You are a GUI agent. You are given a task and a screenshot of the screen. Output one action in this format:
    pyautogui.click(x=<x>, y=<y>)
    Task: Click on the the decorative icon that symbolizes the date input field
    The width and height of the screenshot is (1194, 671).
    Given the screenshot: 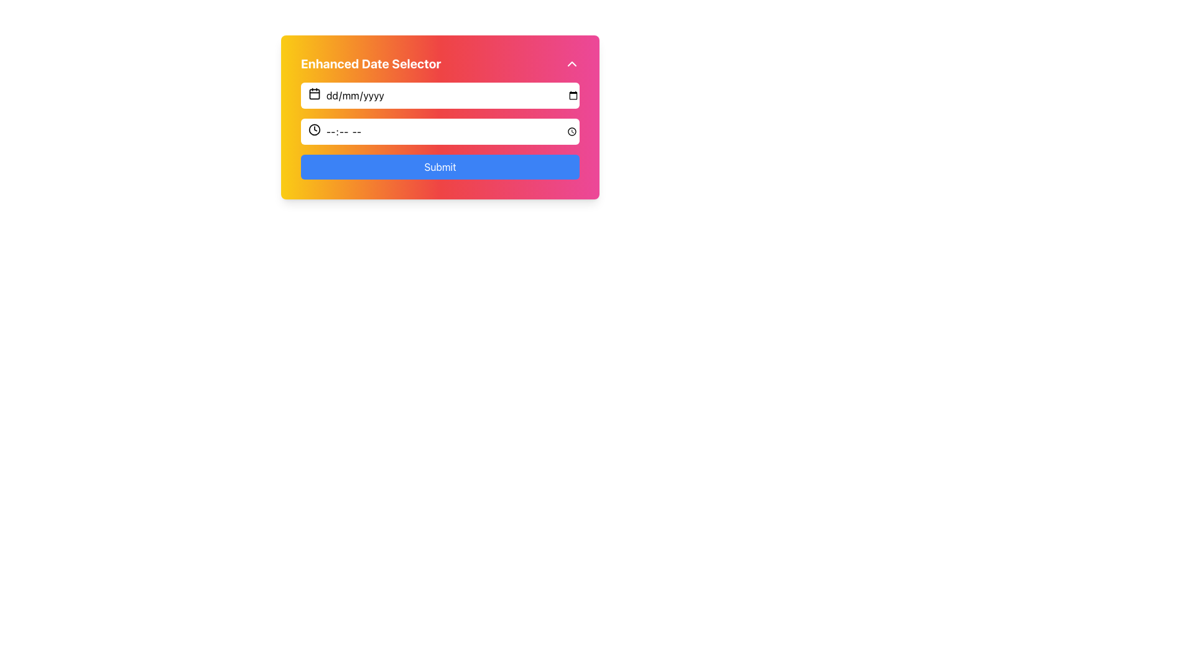 What is the action you would take?
    pyautogui.click(x=314, y=93)
    